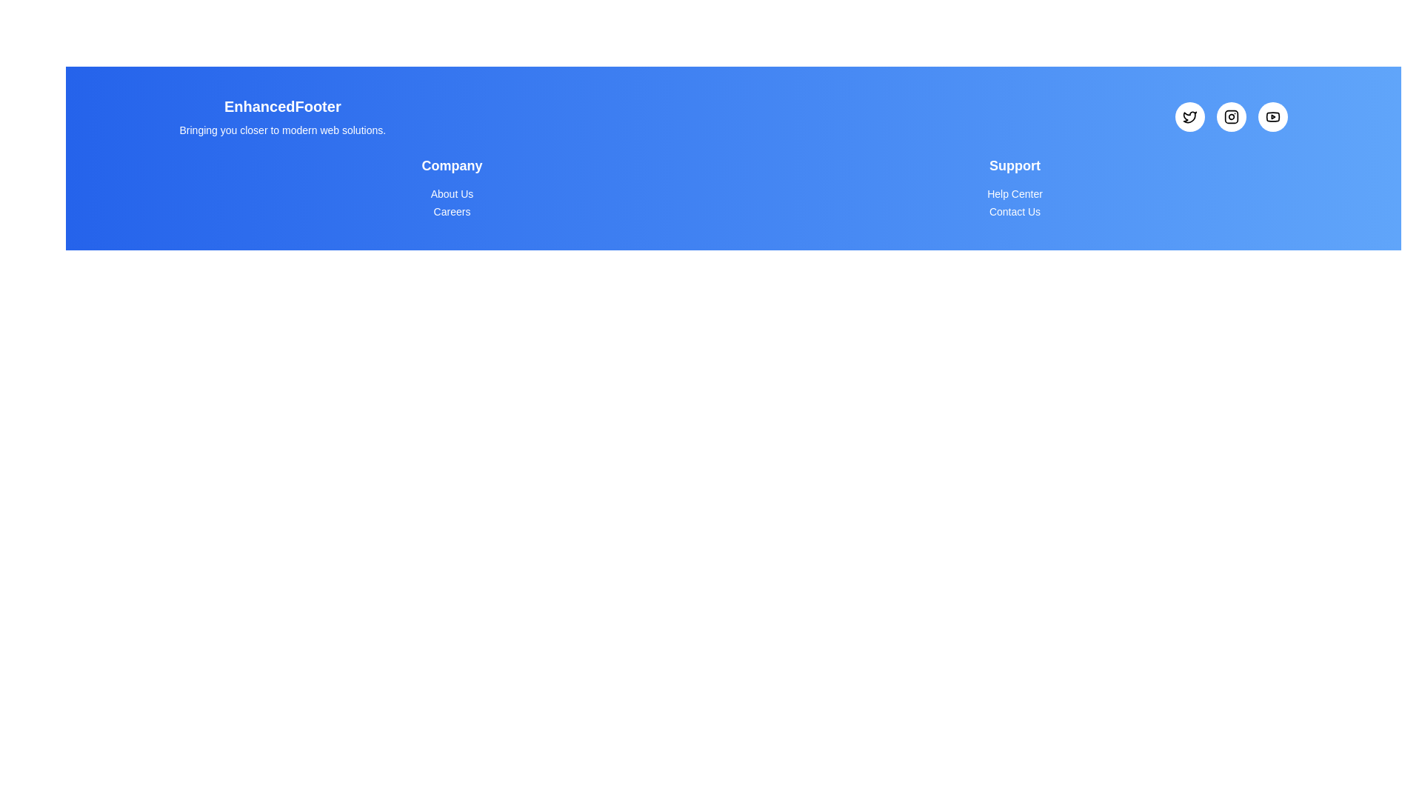 The height and width of the screenshot is (800, 1422). What do you see at coordinates (1272, 116) in the screenshot?
I see `the third icon in the horizontal sequence at the top right corner of the footer section` at bounding box center [1272, 116].